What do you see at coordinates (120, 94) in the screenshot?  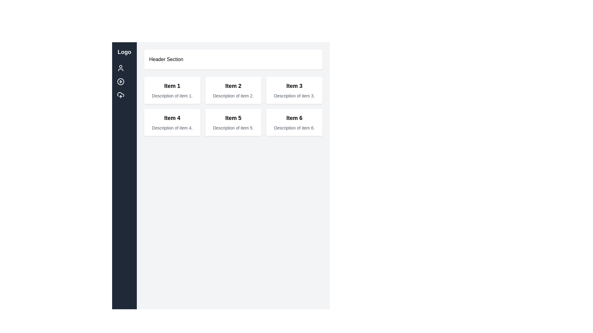 I see `the cloud upload icon located in the sidebar navigation panel` at bounding box center [120, 94].